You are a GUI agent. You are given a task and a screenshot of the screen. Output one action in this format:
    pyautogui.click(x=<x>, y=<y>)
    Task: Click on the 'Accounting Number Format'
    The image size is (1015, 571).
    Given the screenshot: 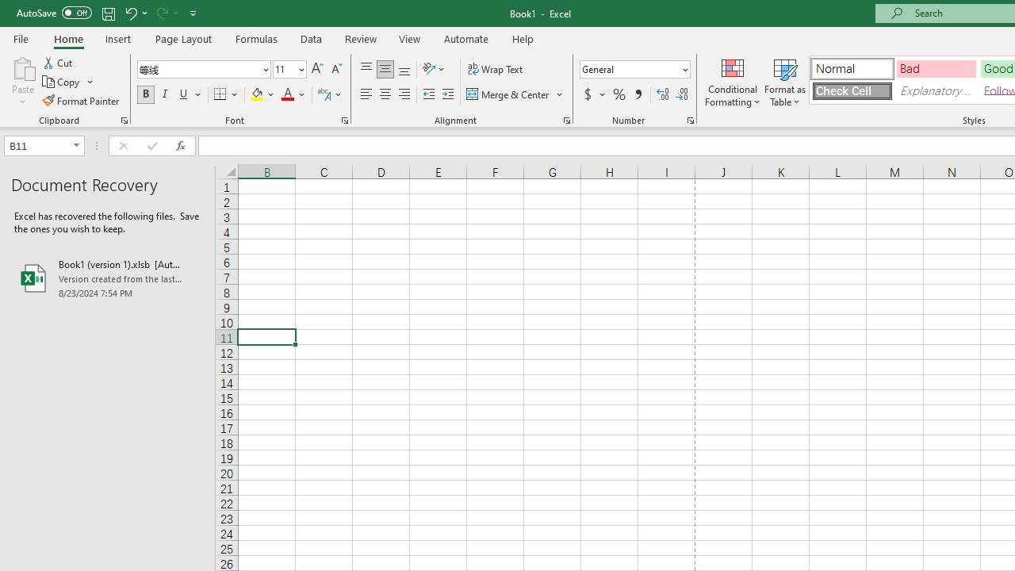 What is the action you would take?
    pyautogui.click(x=593, y=94)
    